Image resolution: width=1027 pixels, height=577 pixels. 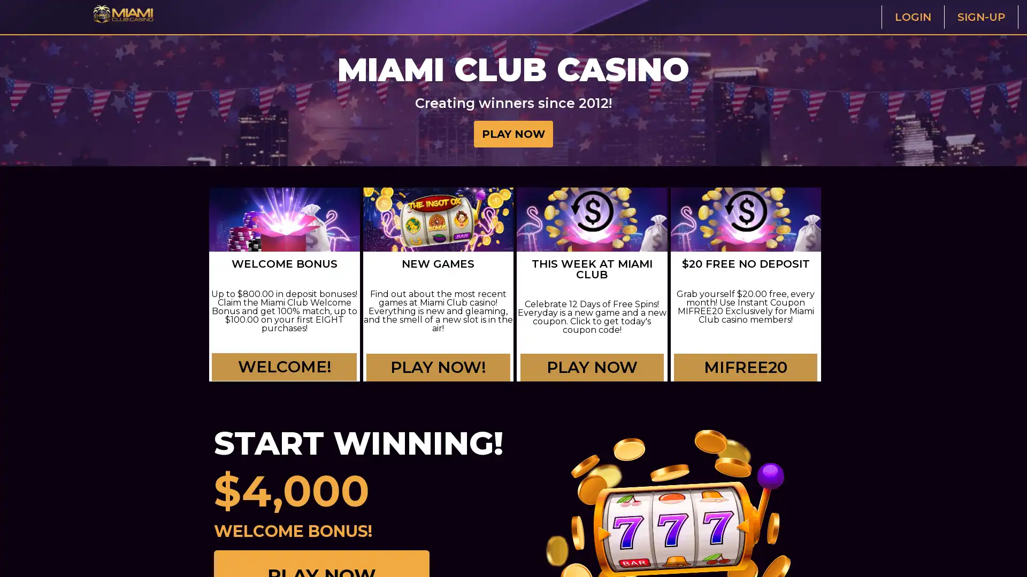 I want to click on SIGN-UP, so click(x=980, y=17).